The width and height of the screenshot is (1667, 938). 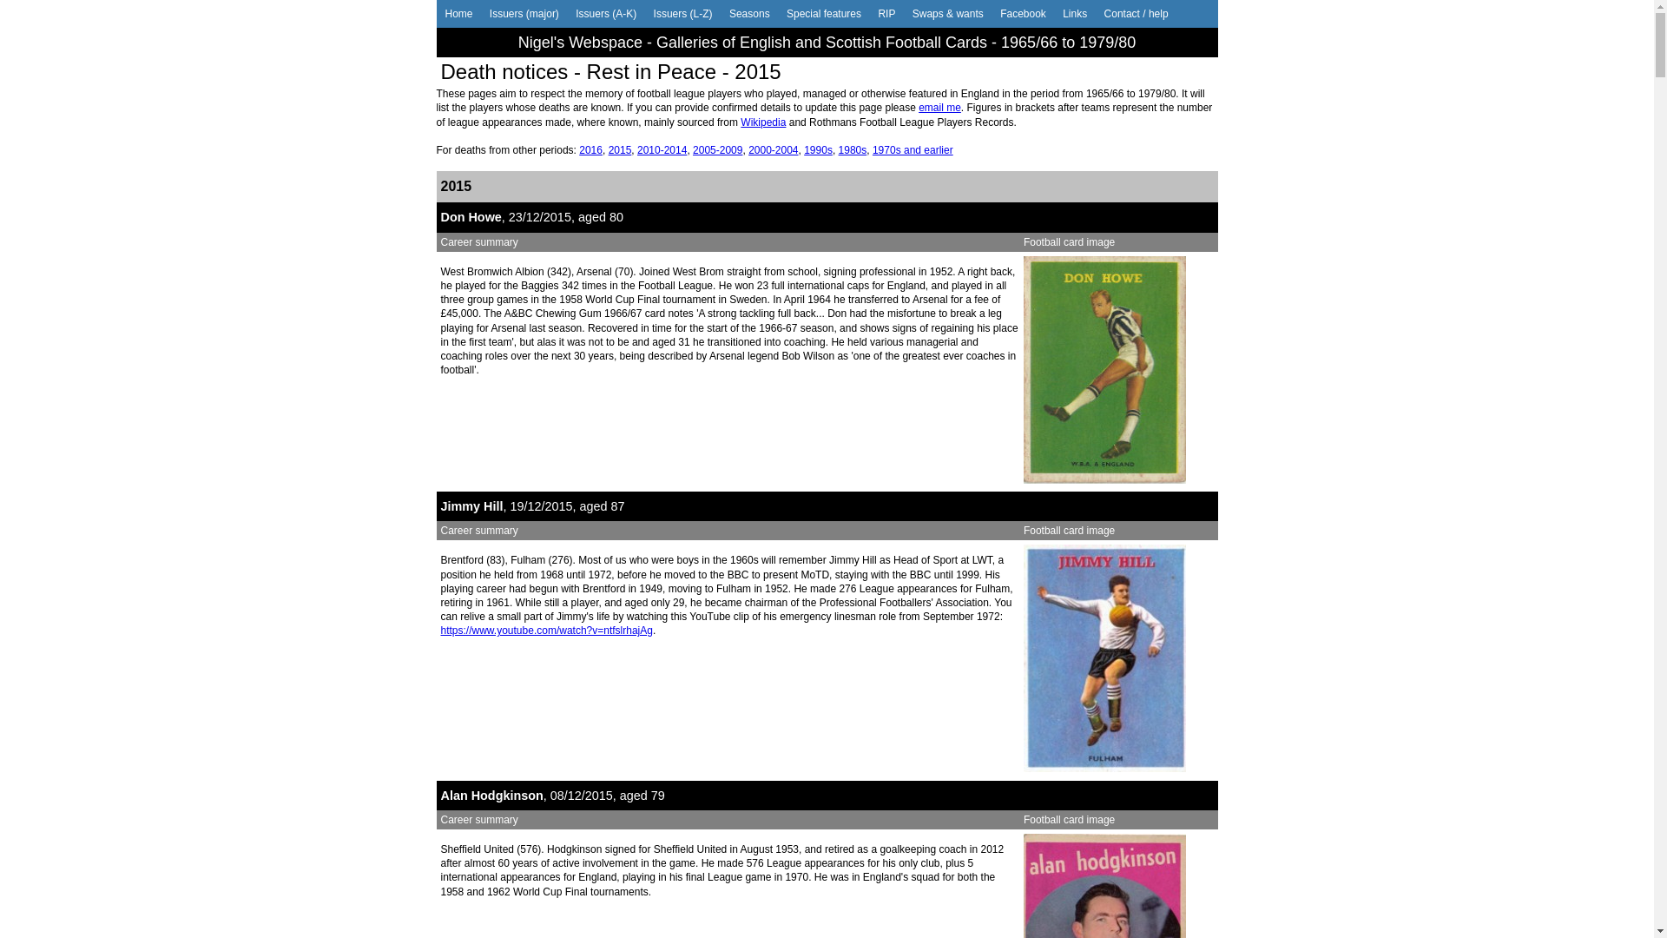 I want to click on 'Wikipedia', so click(x=762, y=122).